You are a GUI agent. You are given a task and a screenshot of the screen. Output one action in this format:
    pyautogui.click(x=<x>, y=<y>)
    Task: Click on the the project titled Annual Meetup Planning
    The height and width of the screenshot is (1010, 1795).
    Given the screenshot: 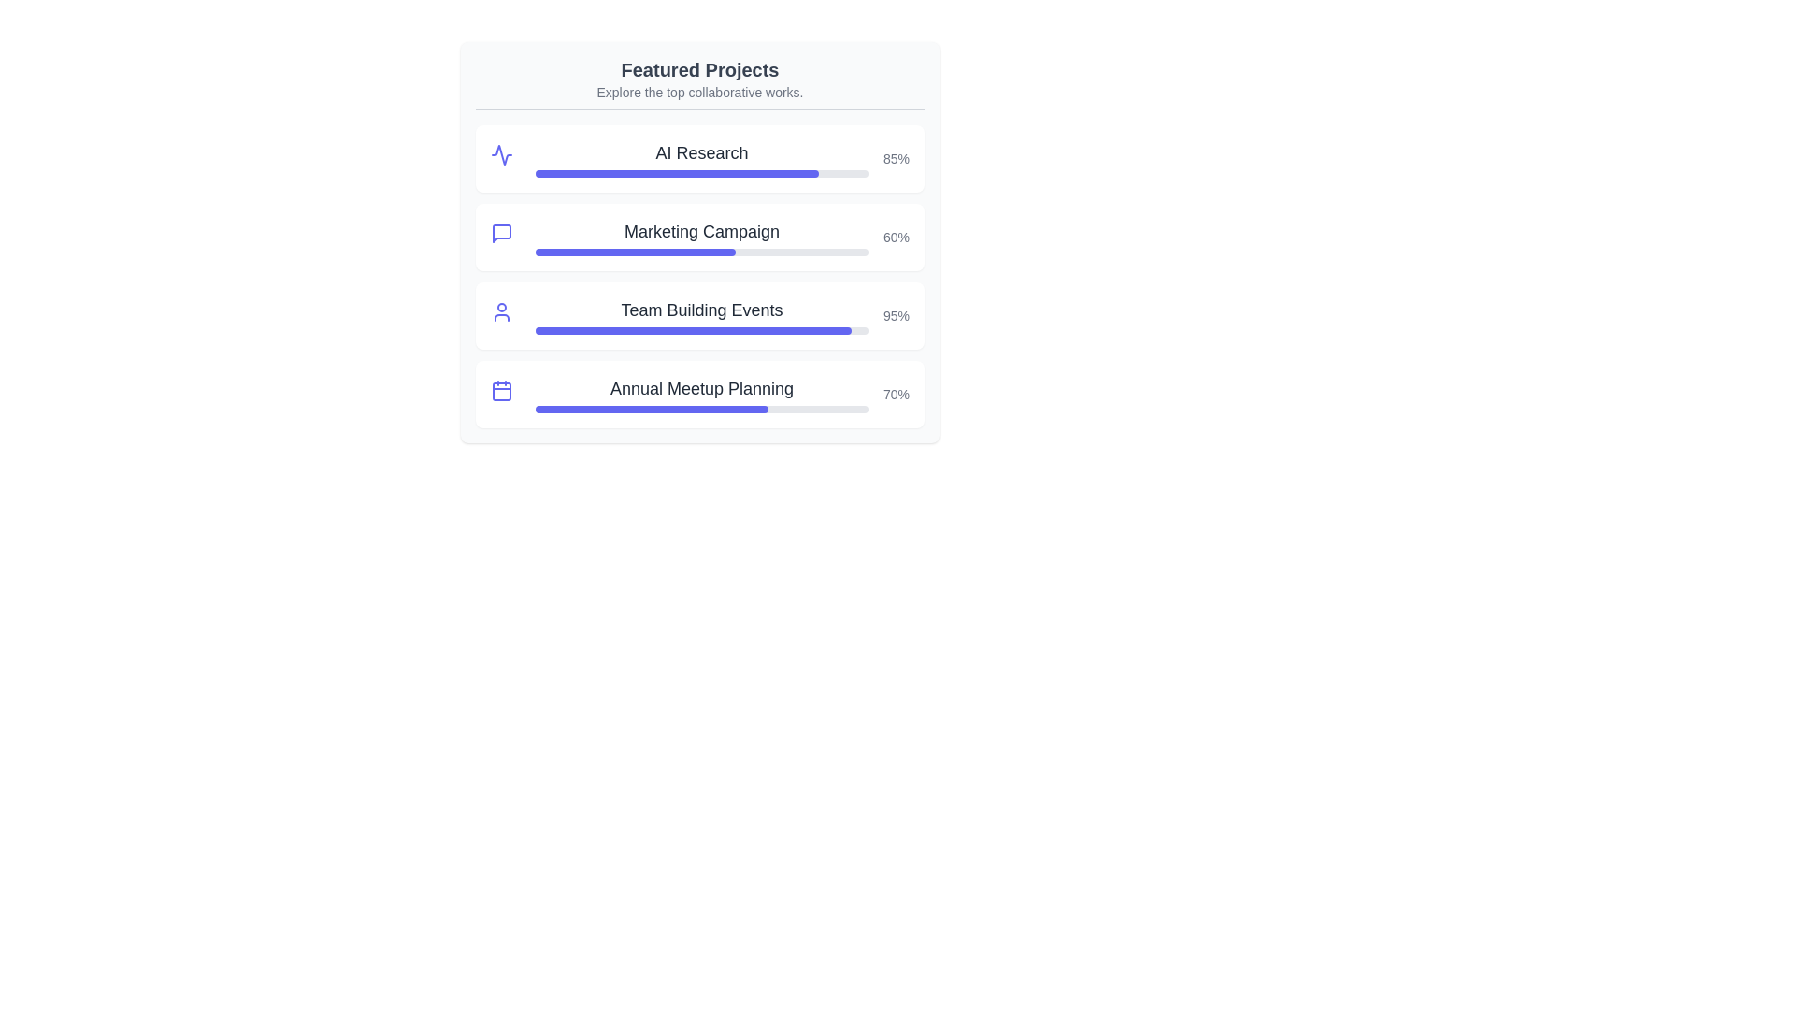 What is the action you would take?
    pyautogui.click(x=699, y=388)
    